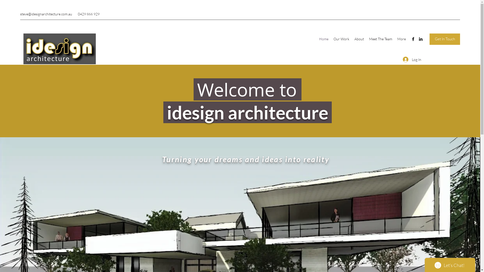 Image resolution: width=484 pixels, height=272 pixels. Describe the element at coordinates (331, 39) in the screenshot. I see `'Our Work'` at that location.